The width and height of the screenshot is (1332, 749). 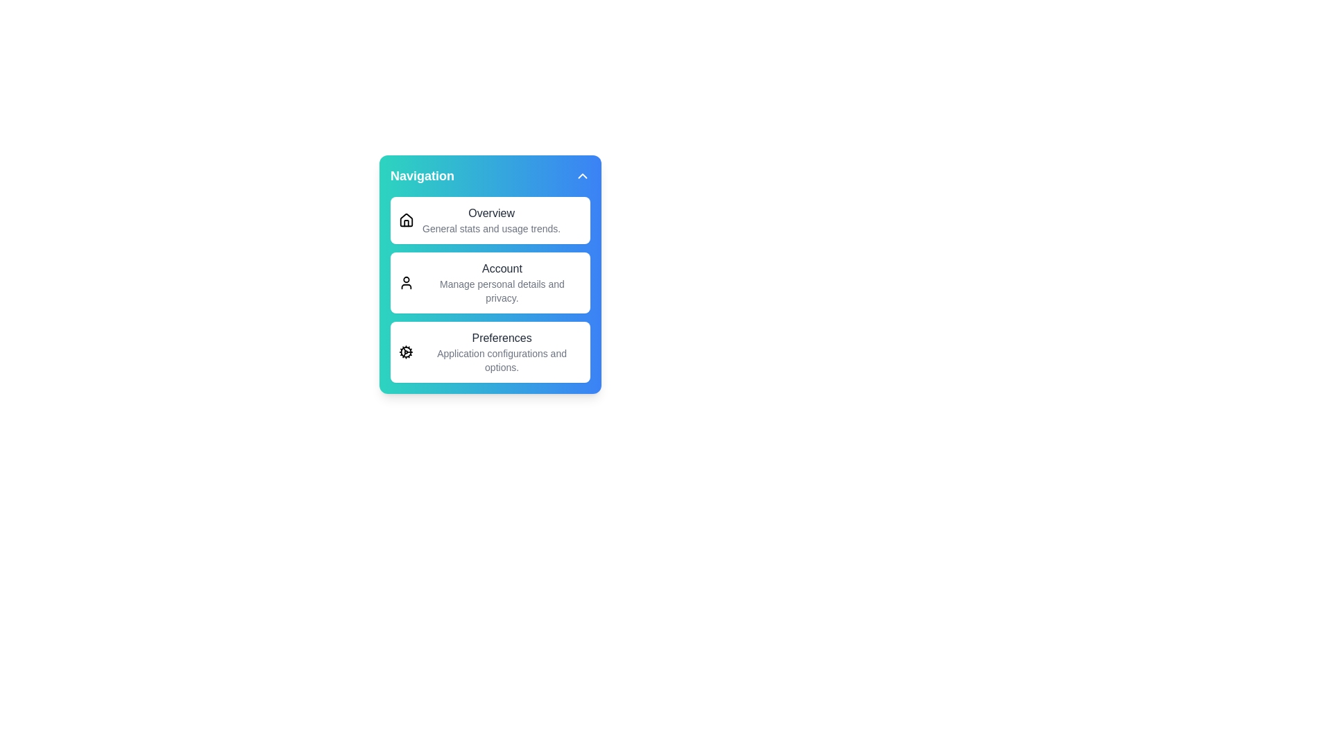 What do you see at coordinates (405, 282) in the screenshot?
I see `the icon associated with Account` at bounding box center [405, 282].